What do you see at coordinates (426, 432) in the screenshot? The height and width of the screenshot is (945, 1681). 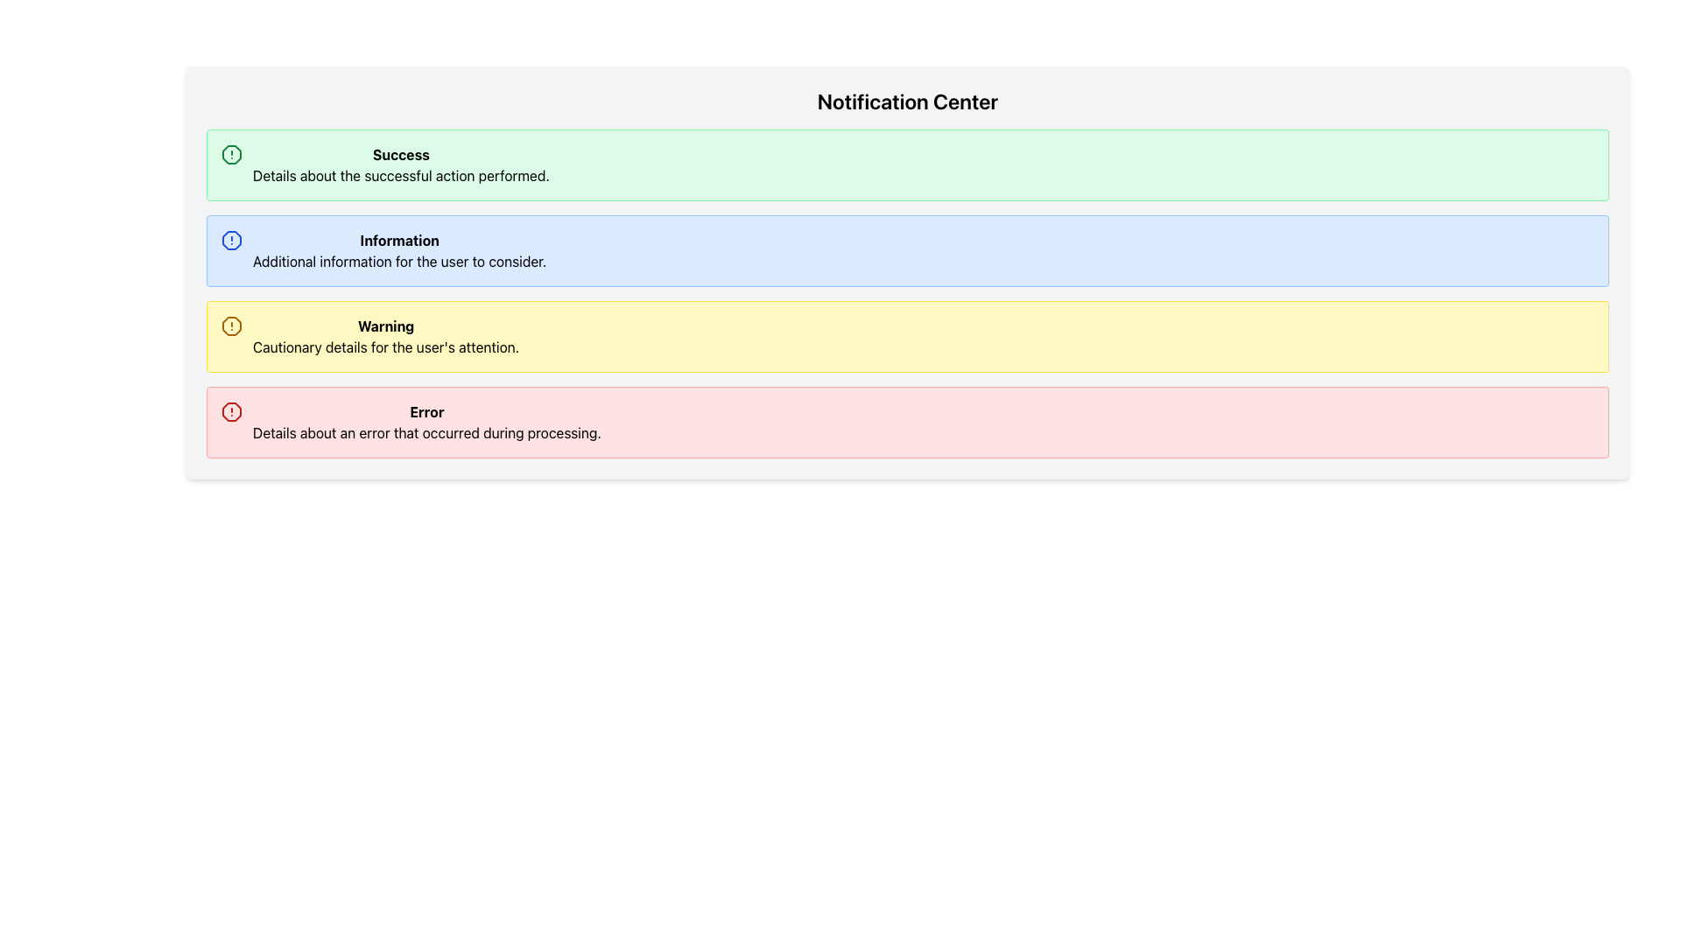 I see `the text label that reads 'Details about an error that occurred during processing.' located within a red box labeled 'Error' at the bottommost section of the notification group` at bounding box center [426, 432].